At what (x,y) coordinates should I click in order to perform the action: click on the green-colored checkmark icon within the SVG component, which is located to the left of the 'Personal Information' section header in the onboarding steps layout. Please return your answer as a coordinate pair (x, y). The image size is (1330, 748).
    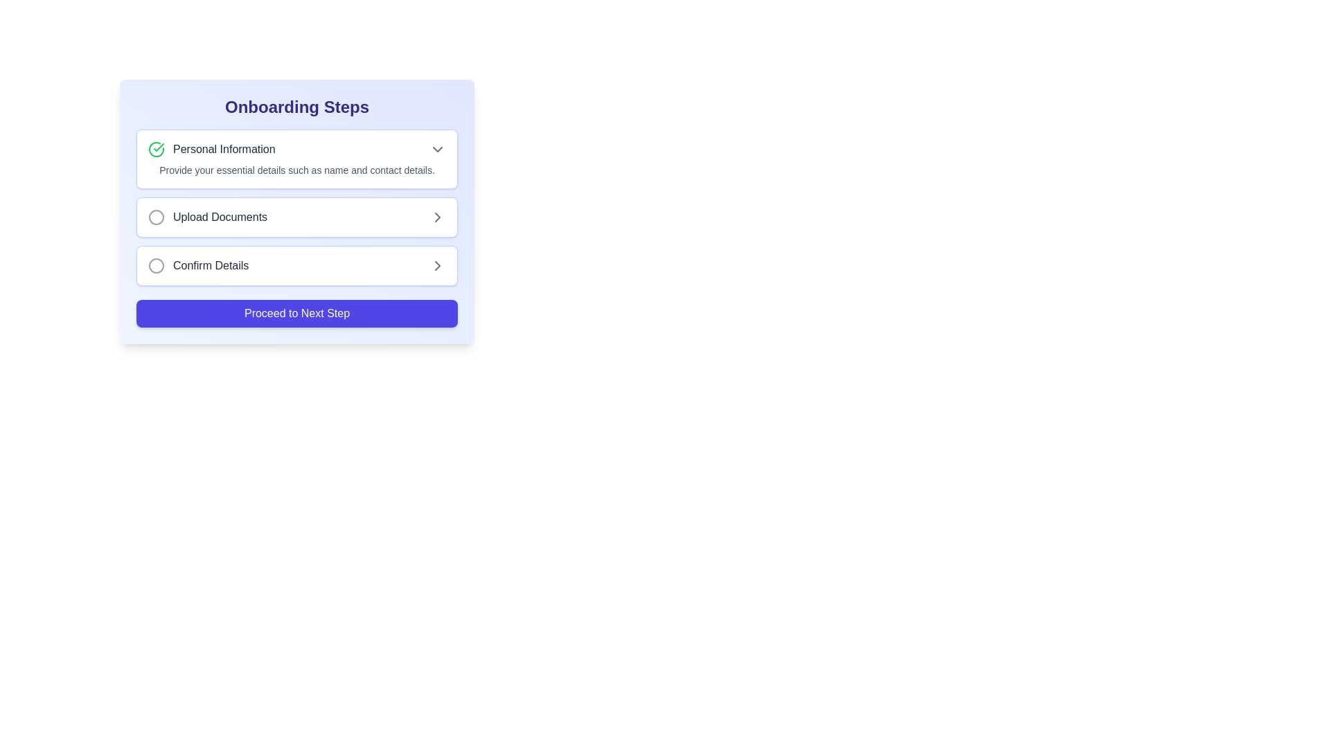
    Looking at the image, I should click on (159, 147).